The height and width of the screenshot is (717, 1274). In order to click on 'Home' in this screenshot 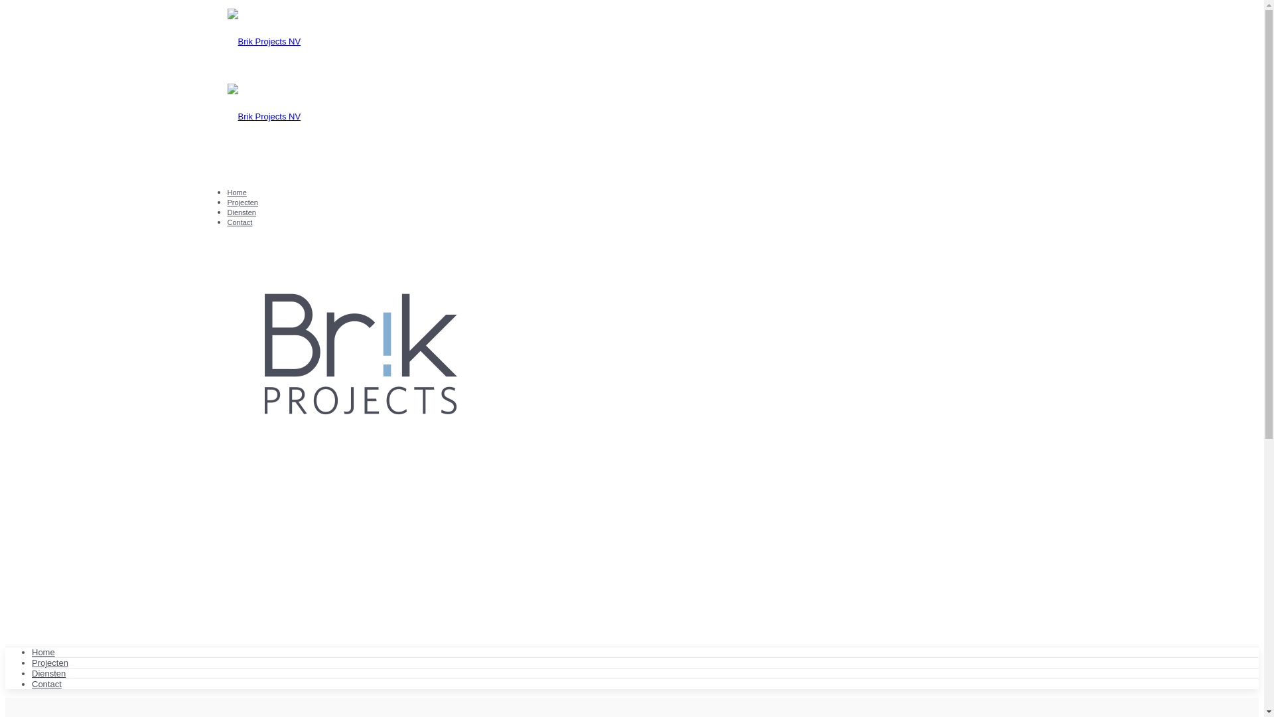, I will do `click(236, 192)`.